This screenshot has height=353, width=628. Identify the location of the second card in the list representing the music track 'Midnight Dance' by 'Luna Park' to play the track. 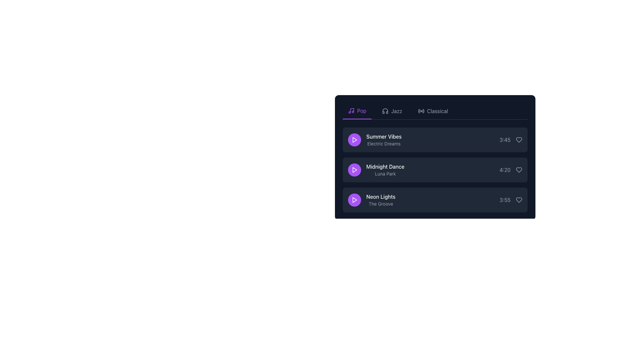
(435, 158).